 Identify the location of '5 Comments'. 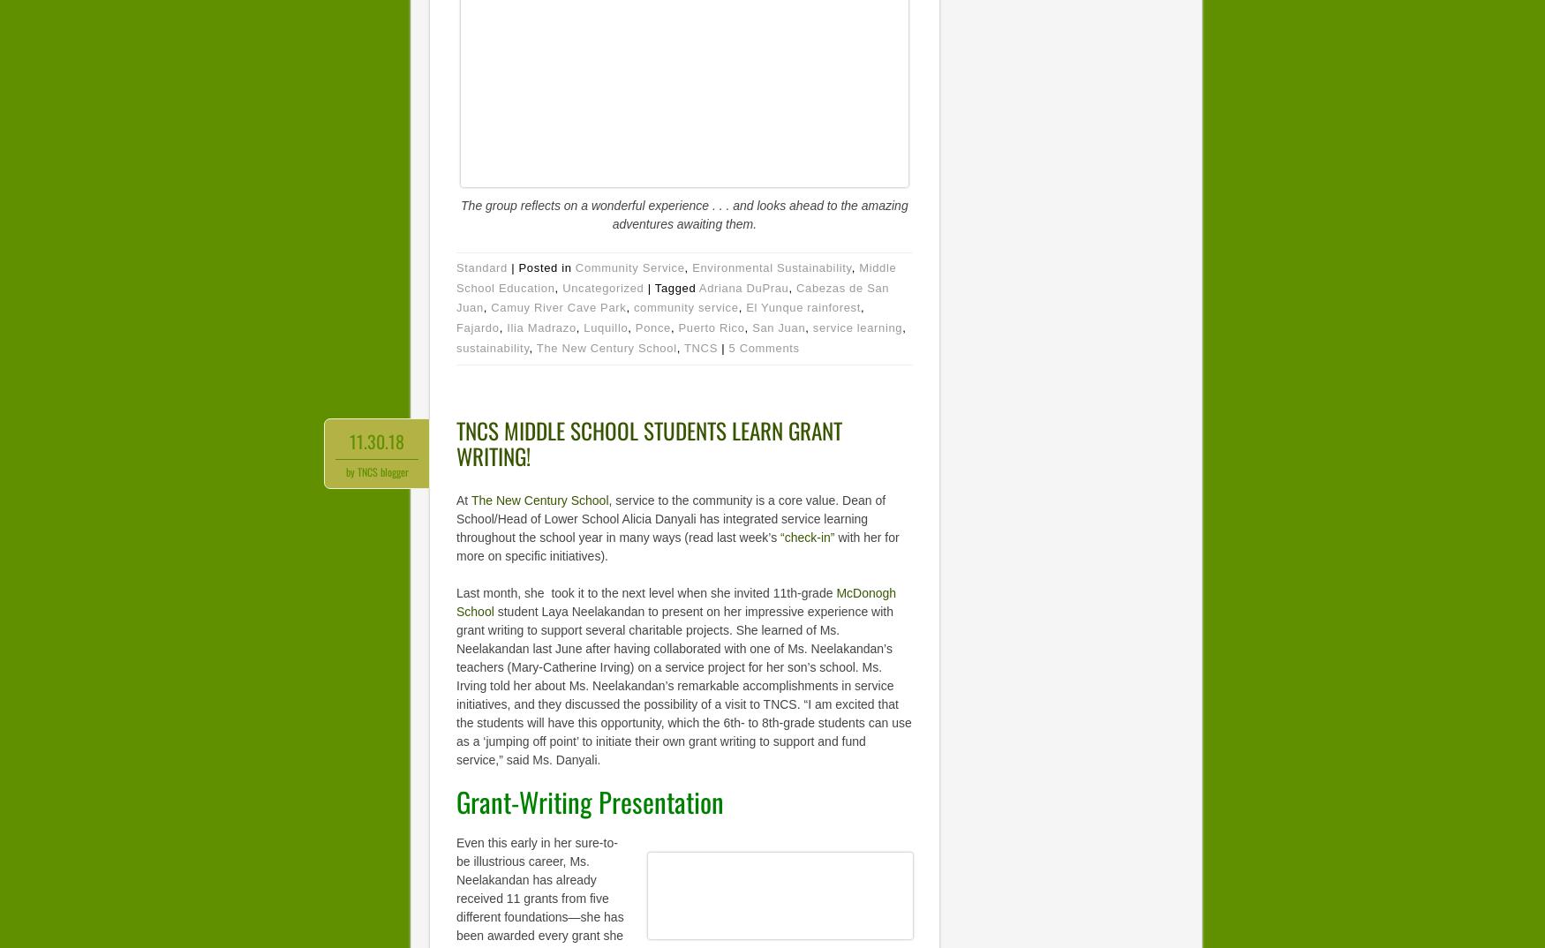
(764, 347).